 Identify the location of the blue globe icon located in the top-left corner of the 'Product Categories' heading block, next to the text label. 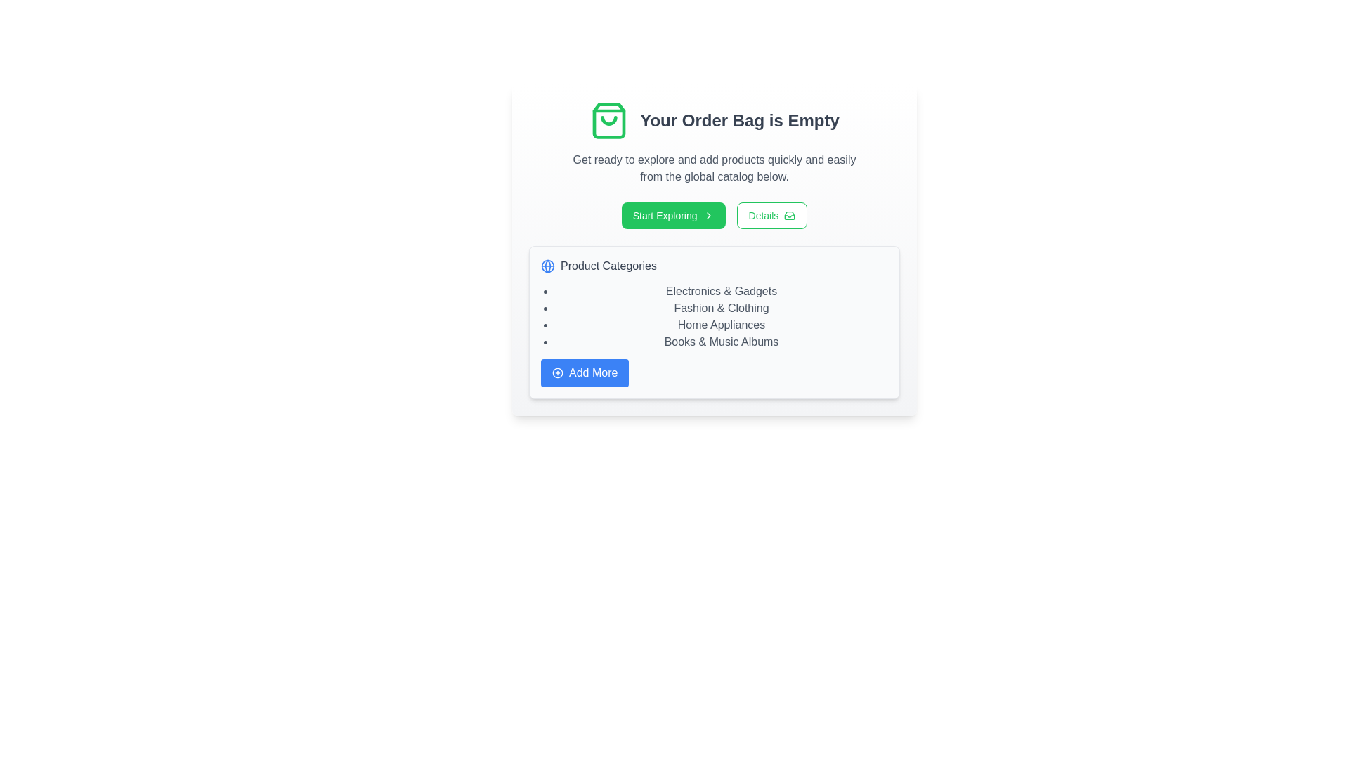
(547, 266).